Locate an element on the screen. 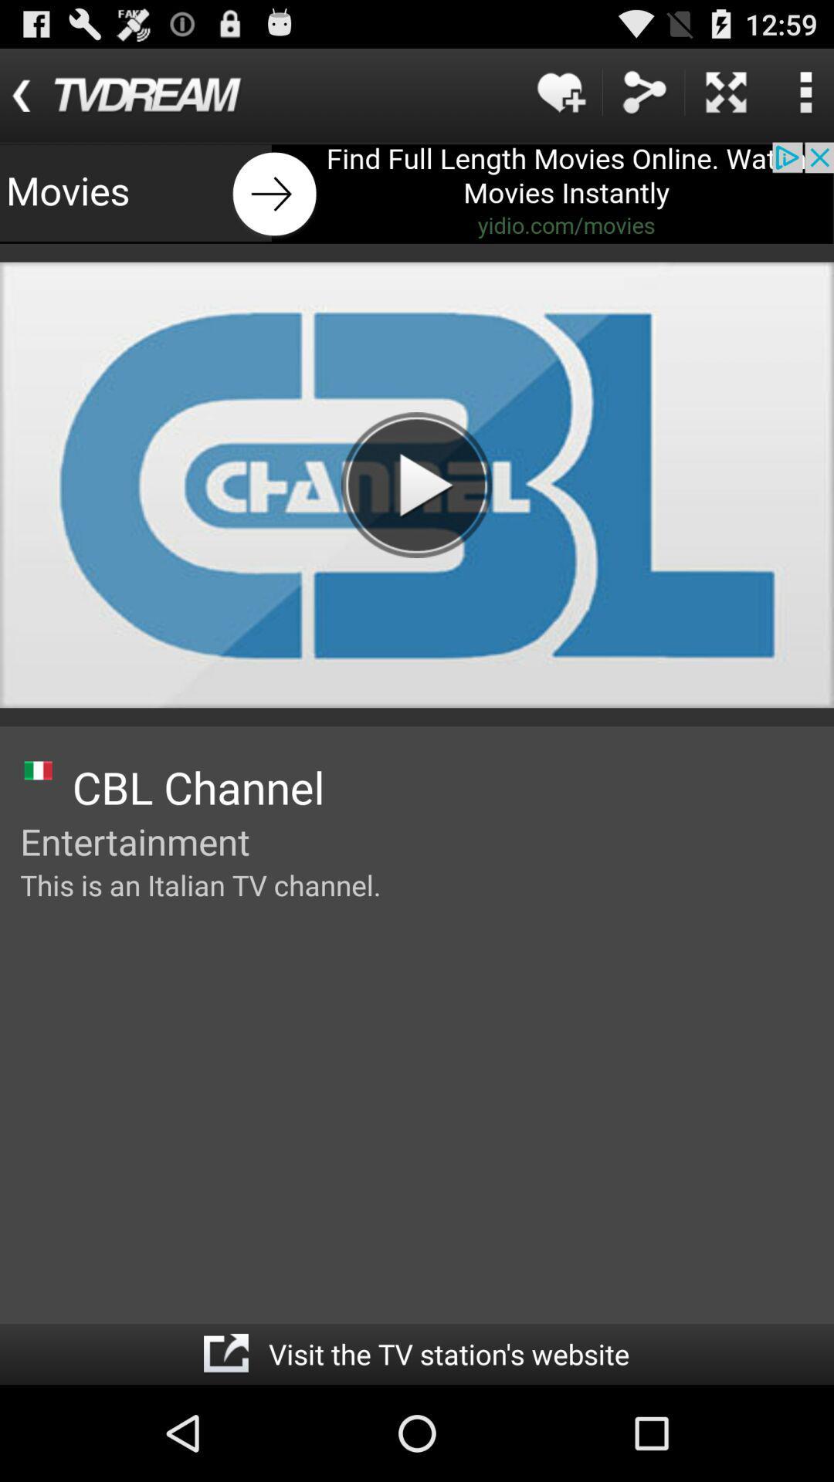 The image size is (834, 1482). movies find full lenth movies online movies instantly is located at coordinates (417, 192).